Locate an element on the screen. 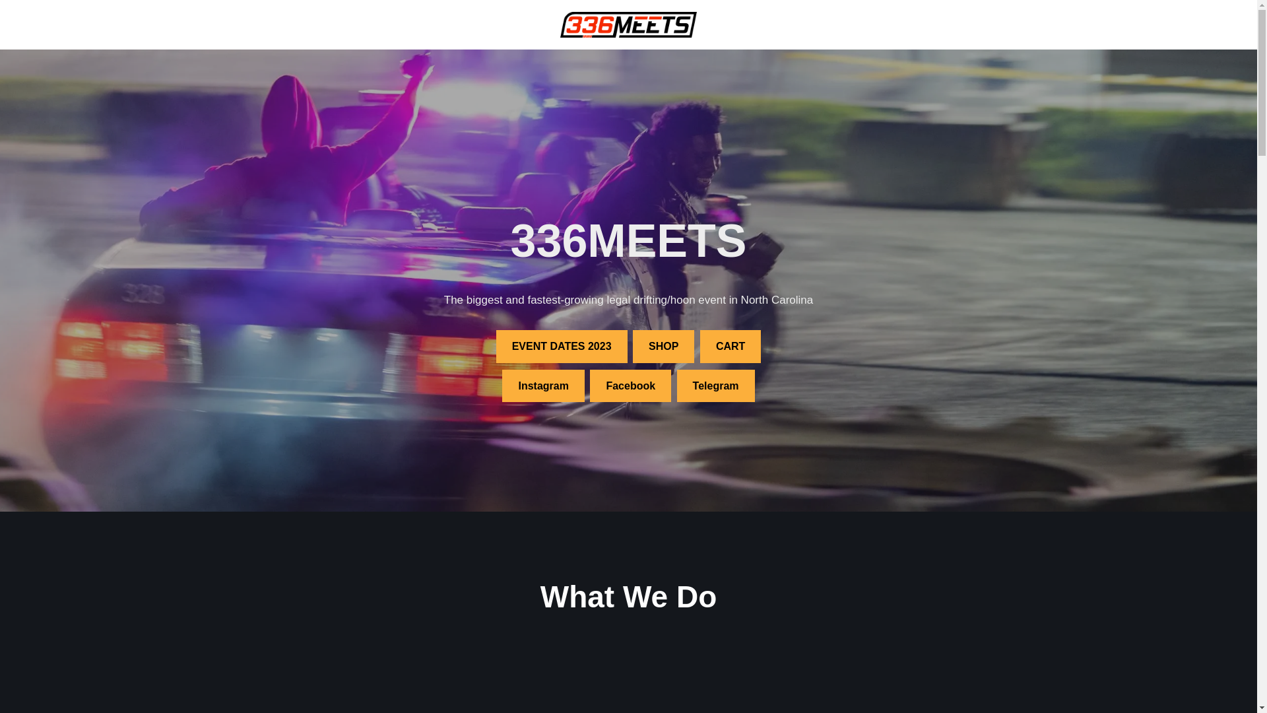 The image size is (1267, 713). 'CART' is located at coordinates (730, 345).